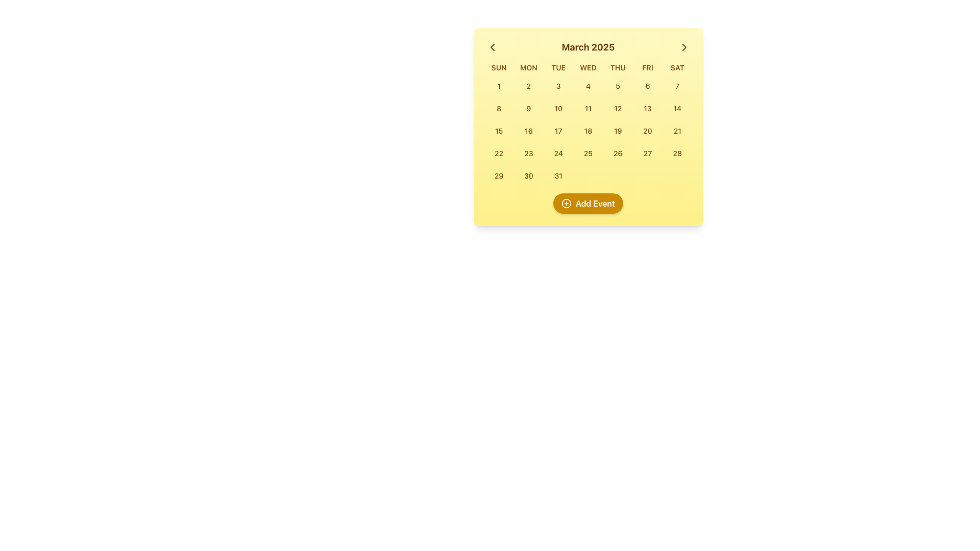 This screenshot has height=551, width=980. I want to click on the Calendar Date Cell representing the 29th day of March 2025, so click(499, 175).